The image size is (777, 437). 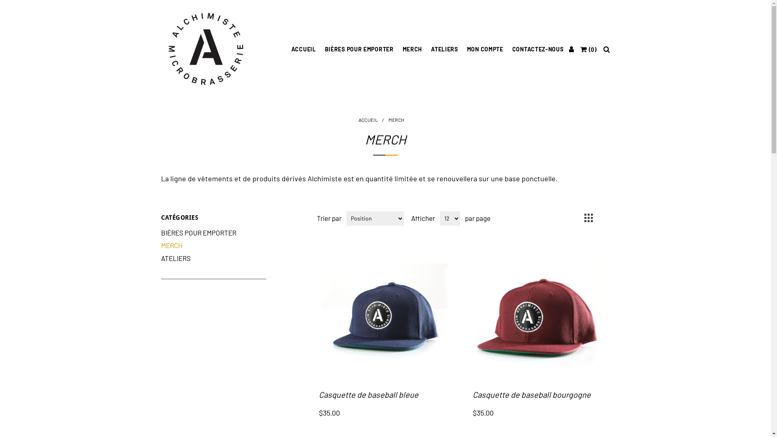 I want to click on 'ATELIERS', so click(x=175, y=259).